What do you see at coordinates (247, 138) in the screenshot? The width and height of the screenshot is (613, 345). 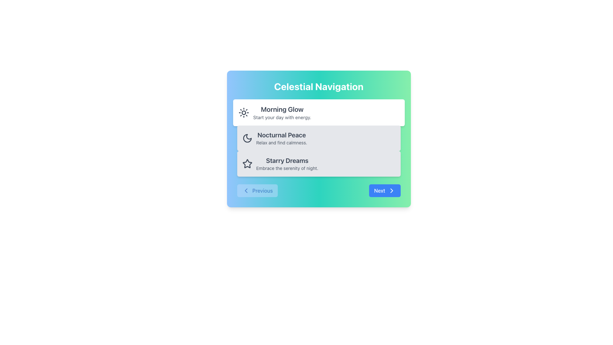 I see `the nocturnal-themed icon representing the 'Nocturnal Peace' option, which is the second item in the list between 'Morning Glow' and 'Starry Dreams'` at bounding box center [247, 138].